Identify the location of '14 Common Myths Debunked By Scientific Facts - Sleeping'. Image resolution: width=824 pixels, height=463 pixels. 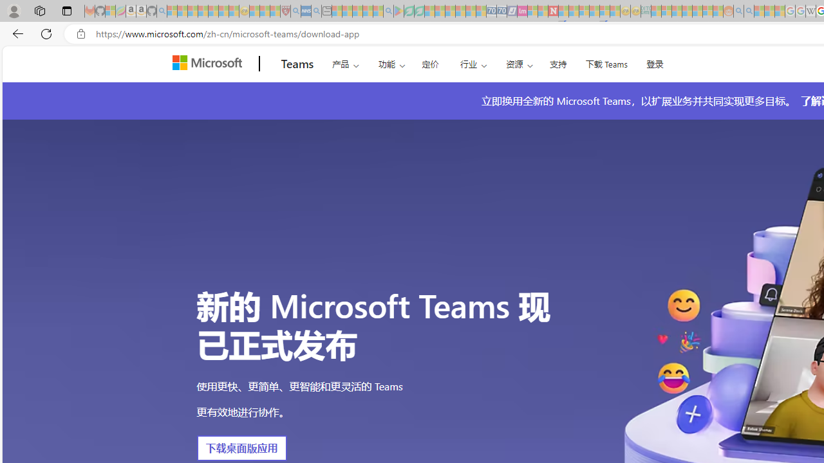
(573, 11).